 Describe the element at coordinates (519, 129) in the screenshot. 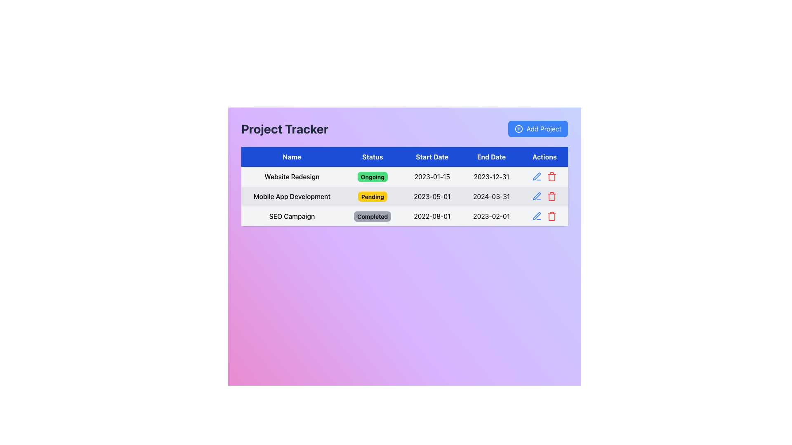

I see `the icon located inside the 'Add Project' button, positioned to the left of the text` at that location.